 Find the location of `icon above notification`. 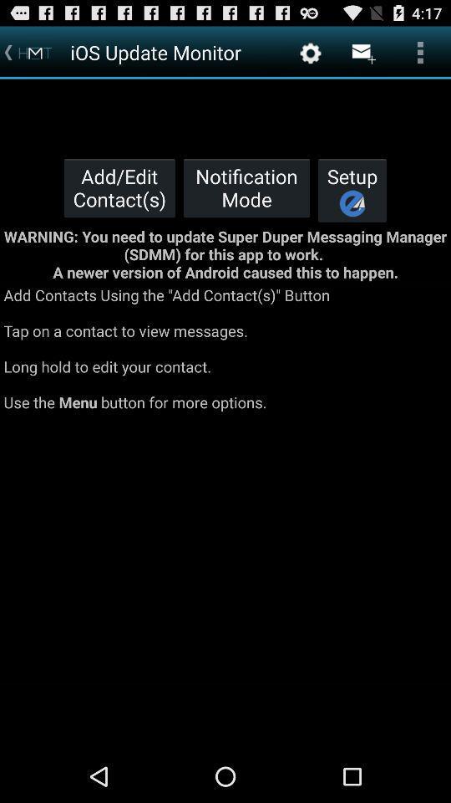

icon above notification is located at coordinates (311, 52).